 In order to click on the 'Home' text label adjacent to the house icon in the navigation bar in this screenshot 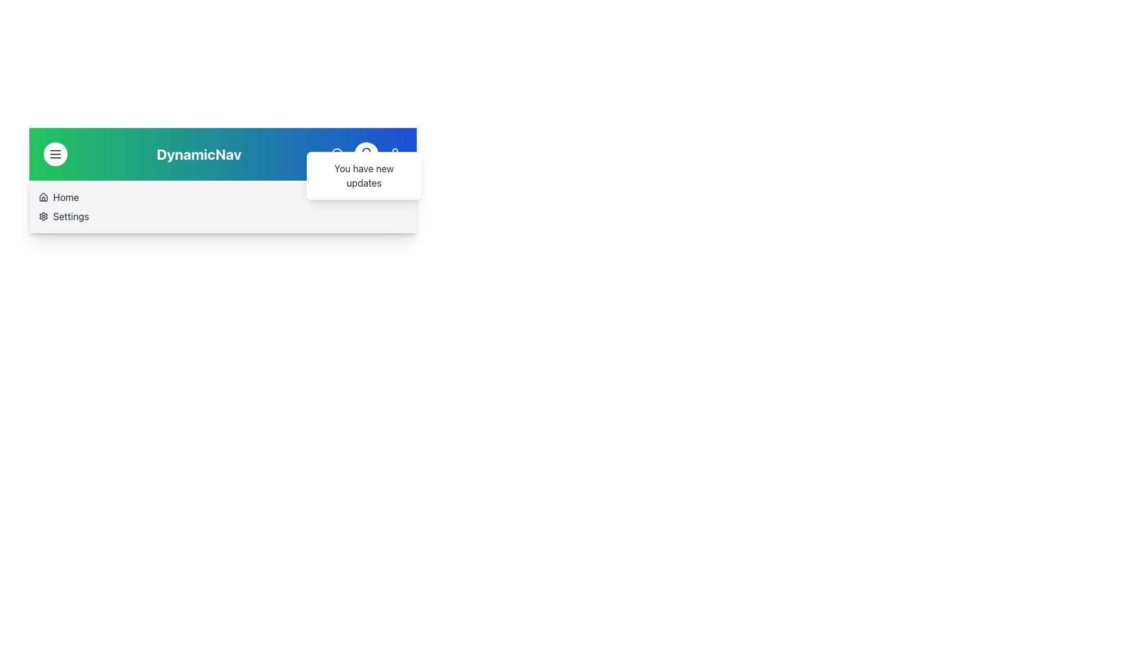, I will do `click(65, 197)`.